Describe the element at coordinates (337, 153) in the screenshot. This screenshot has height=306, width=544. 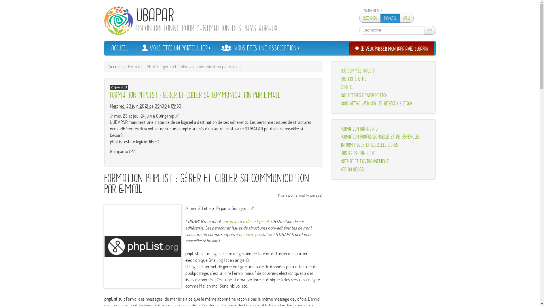
I see `'LOISIRS BRETON GALLO'` at that location.